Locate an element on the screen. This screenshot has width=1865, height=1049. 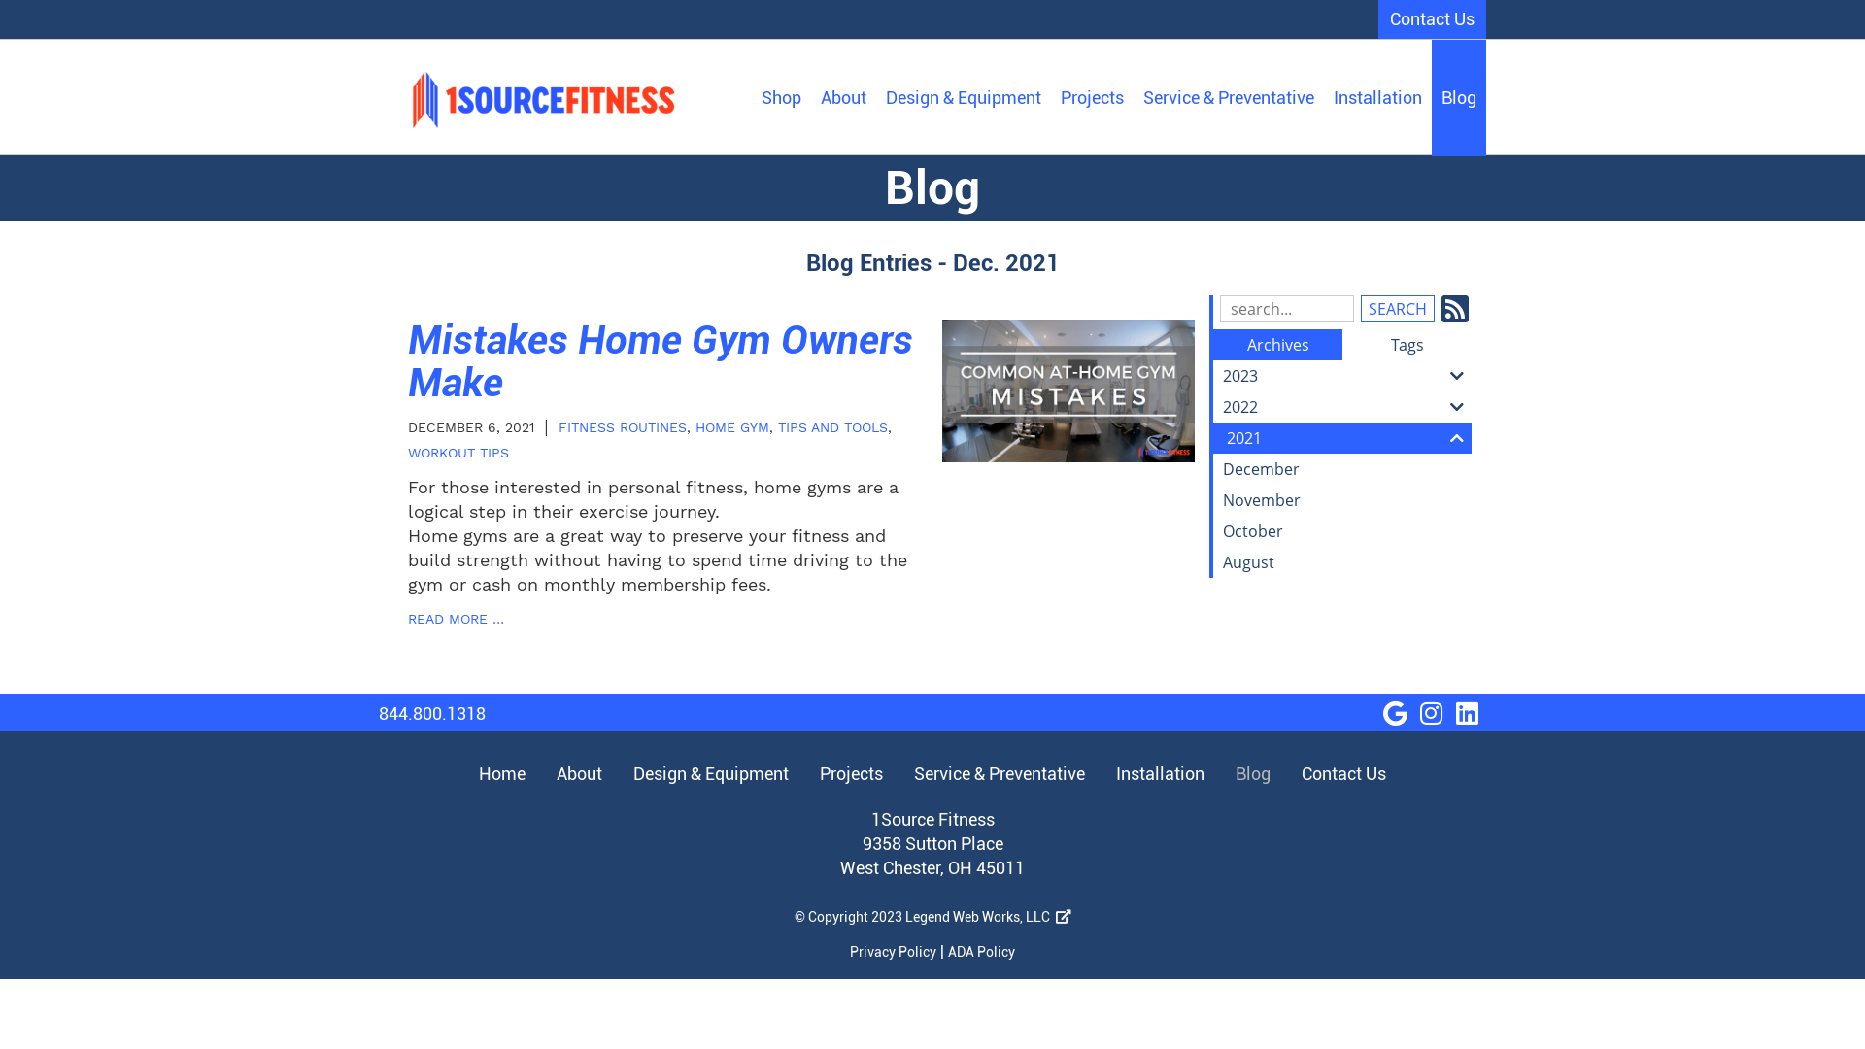
'Shop' is located at coordinates (781, 97).